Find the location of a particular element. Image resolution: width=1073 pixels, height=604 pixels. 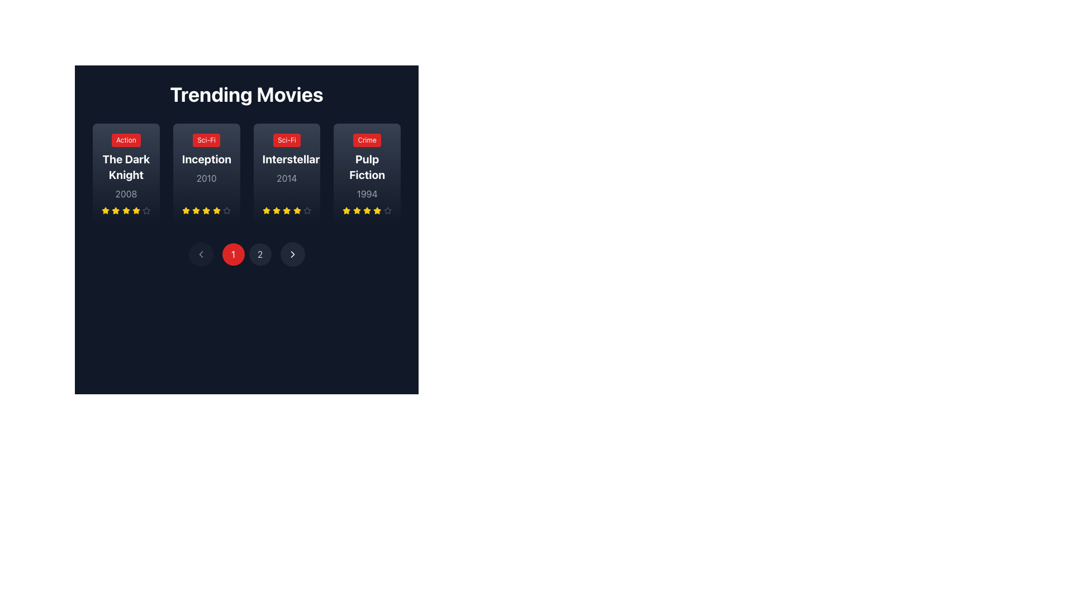

the circular red button with white text '1' located in the horizontal navigation bar is located at coordinates (246, 254).